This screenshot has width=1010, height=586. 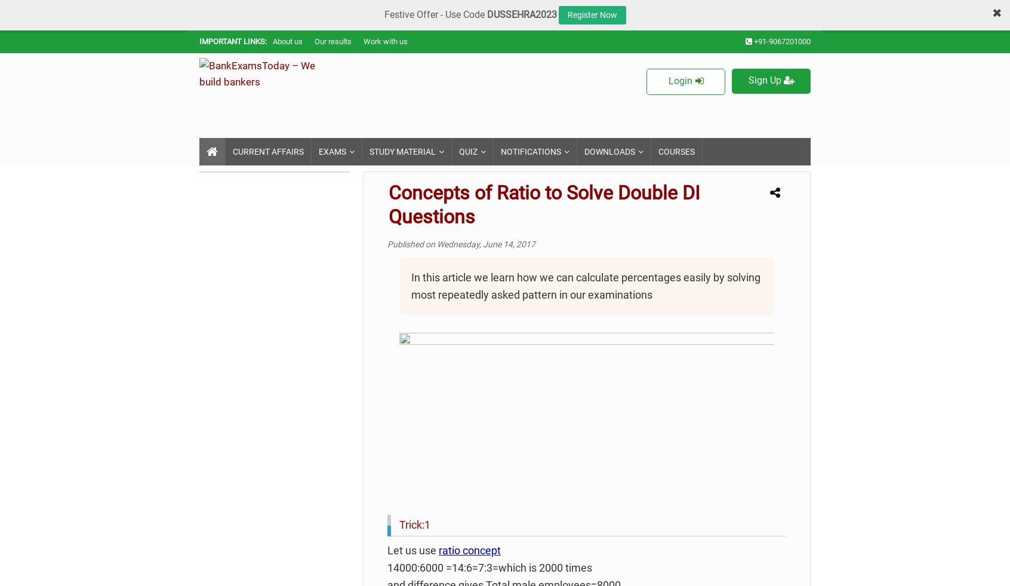 I want to click on '14000:6000 =14:6=7:3=which is 2000 times', so click(x=489, y=567).